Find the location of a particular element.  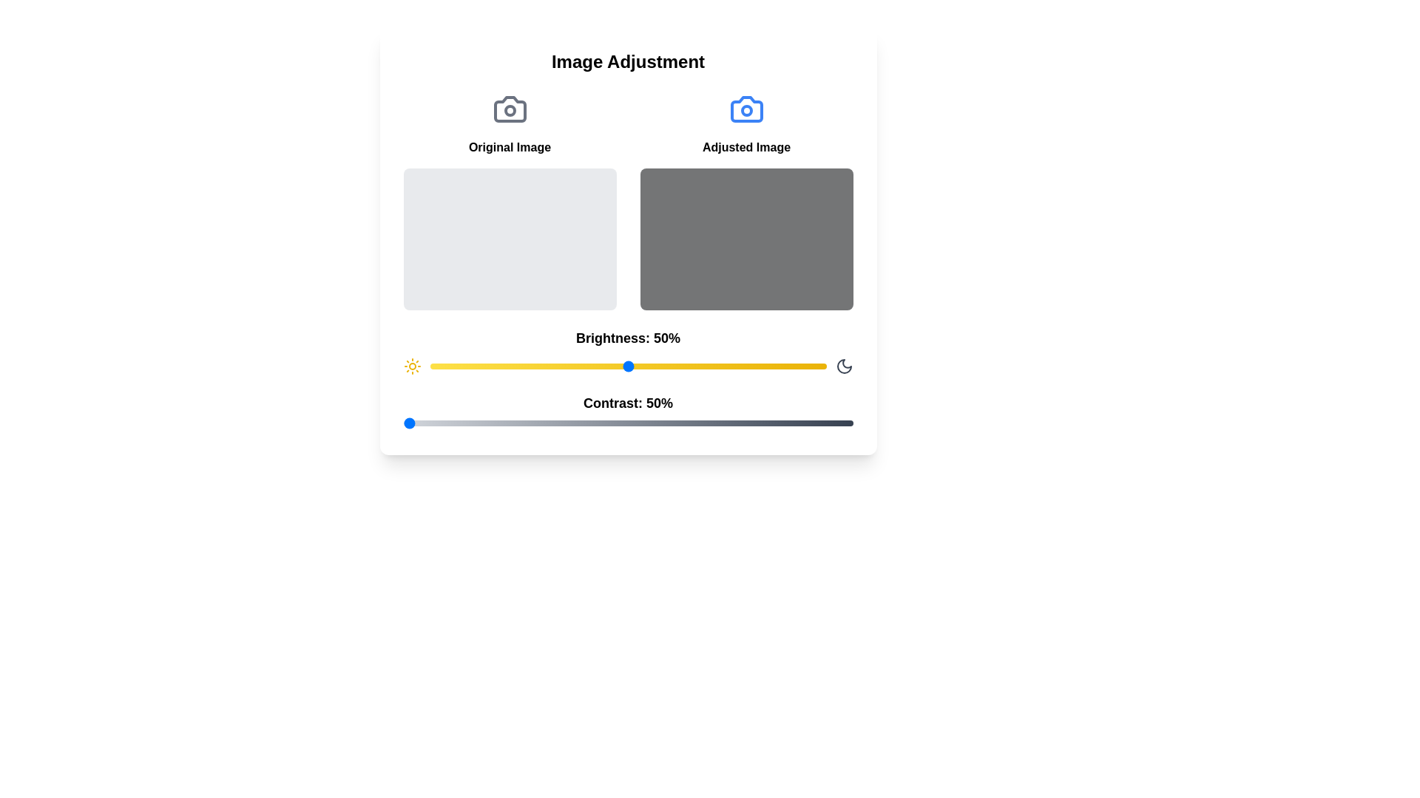

the brightness is located at coordinates (441, 366).